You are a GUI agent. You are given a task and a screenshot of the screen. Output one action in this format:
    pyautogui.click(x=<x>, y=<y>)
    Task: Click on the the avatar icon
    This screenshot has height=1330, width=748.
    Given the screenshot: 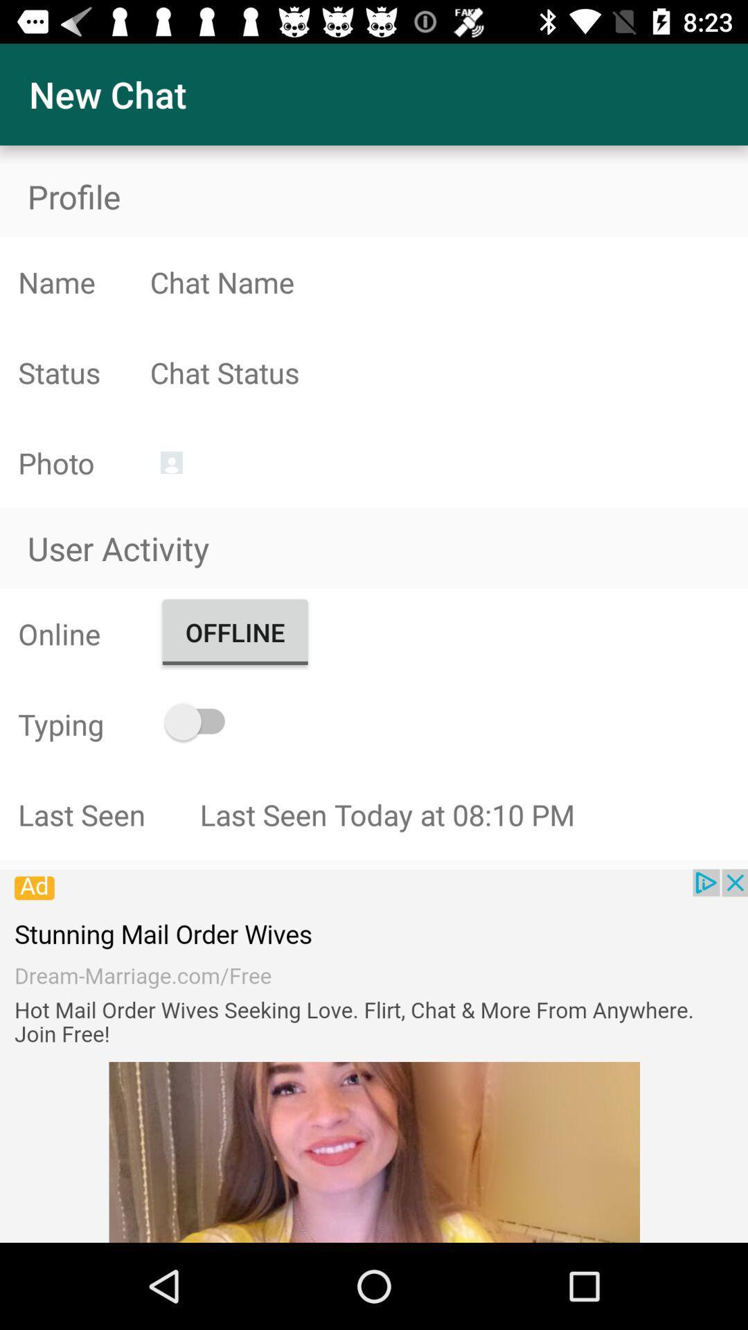 What is the action you would take?
    pyautogui.click(x=170, y=462)
    